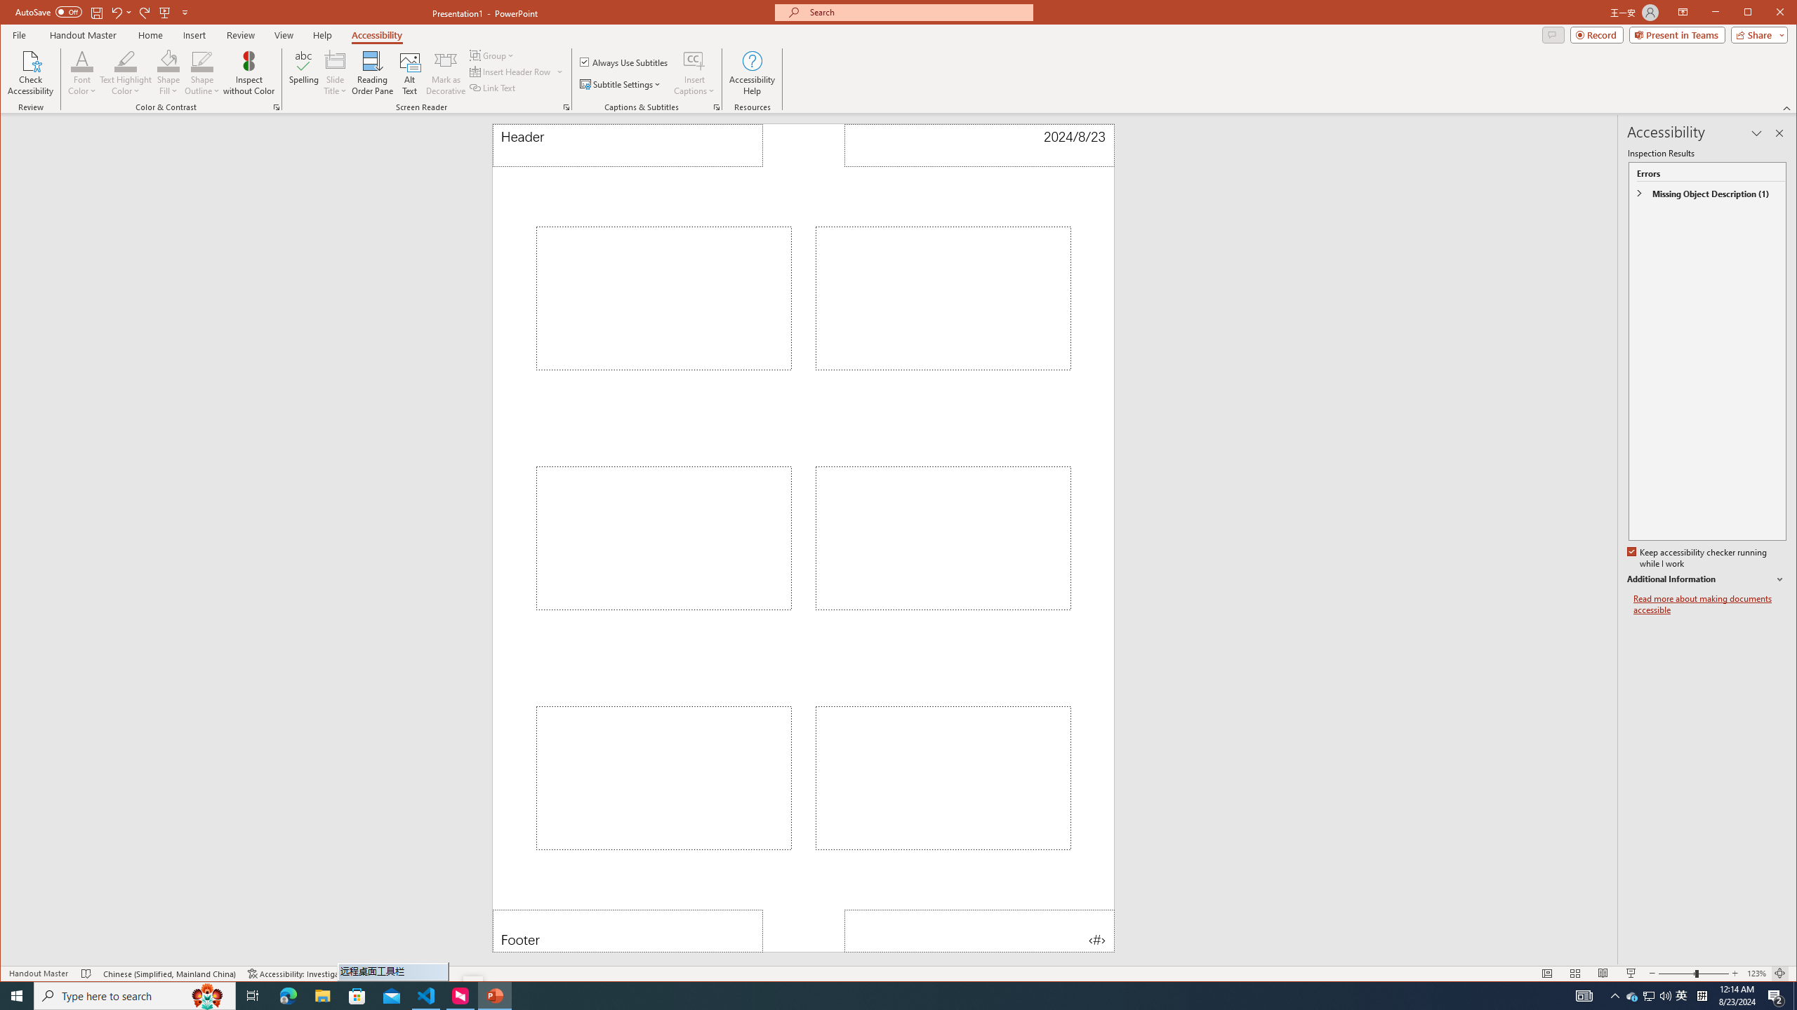 Image resolution: width=1797 pixels, height=1010 pixels. I want to click on 'Slide Title', so click(335, 72).